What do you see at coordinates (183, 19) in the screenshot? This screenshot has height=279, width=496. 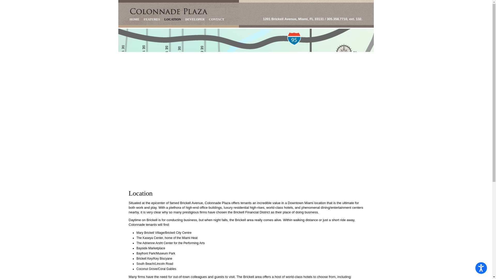 I see `'DEVELOPER'` at bounding box center [183, 19].